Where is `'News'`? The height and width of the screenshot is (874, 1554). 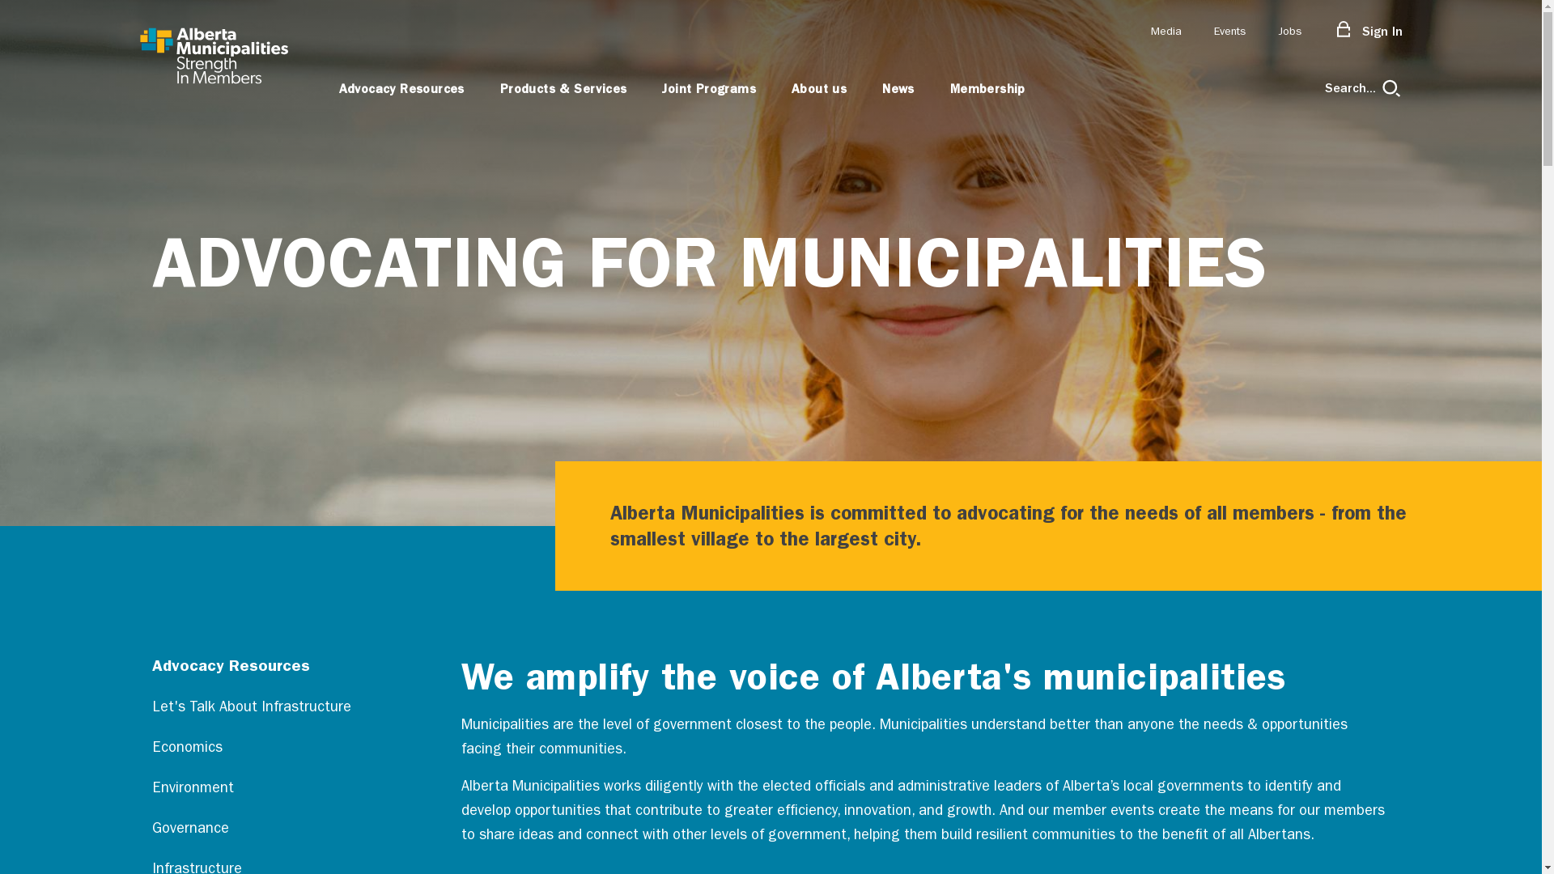 'News' is located at coordinates (897, 87).